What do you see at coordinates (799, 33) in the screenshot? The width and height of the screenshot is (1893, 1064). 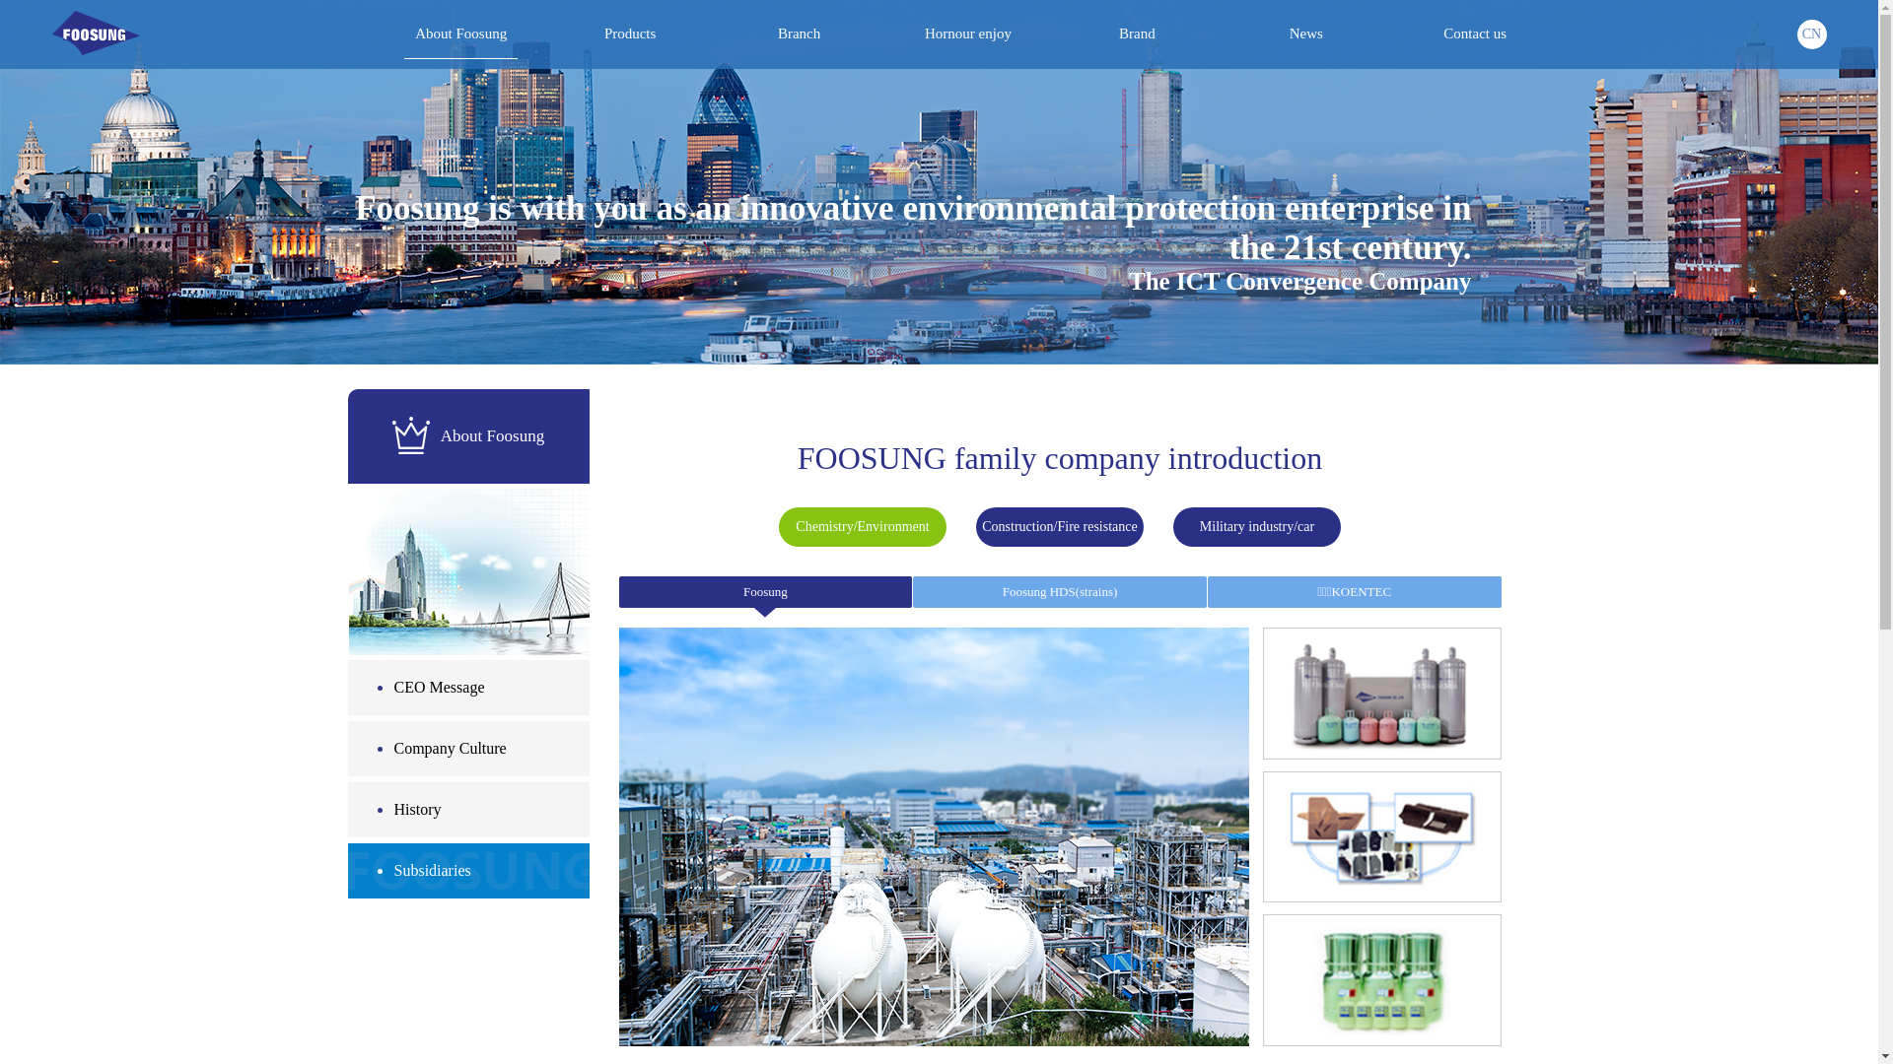 I see `'Branch'` at bounding box center [799, 33].